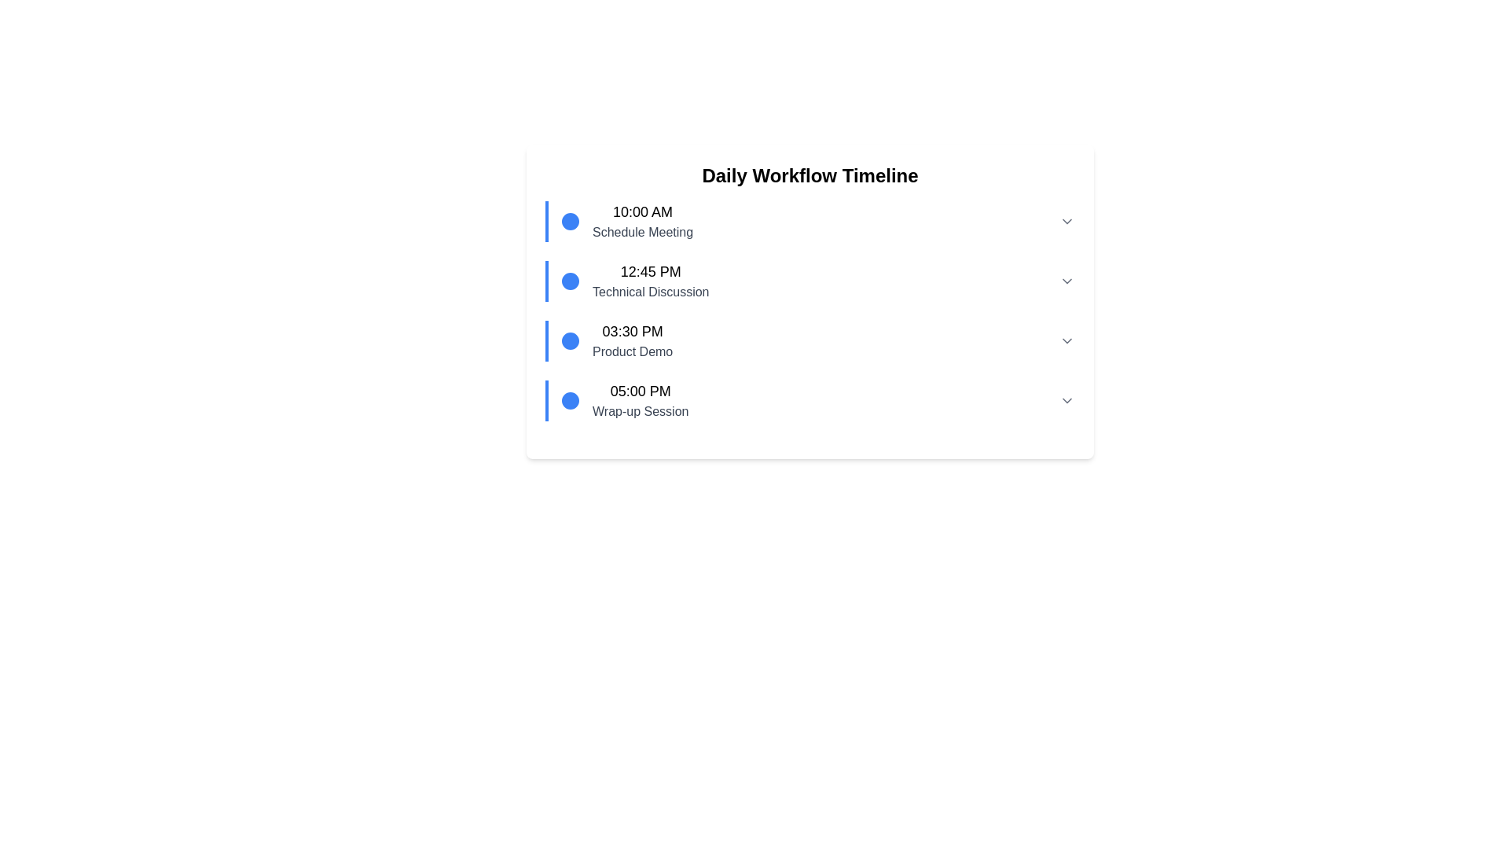 This screenshot has width=1509, height=849. I want to click on the blue SVG circle marker associated with the 'Wrap-up Session' at '05:00 PM' on the timeline, so click(569, 399).